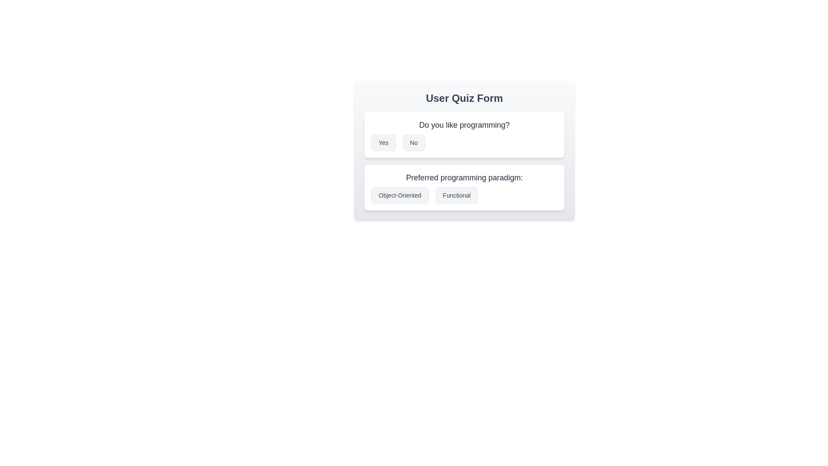  What do you see at coordinates (383, 142) in the screenshot?
I see `the 'Yes' button, which is a rectangular button with a rounded border and a subtle gradient, located beneath the question 'Do you like programming?'` at bounding box center [383, 142].